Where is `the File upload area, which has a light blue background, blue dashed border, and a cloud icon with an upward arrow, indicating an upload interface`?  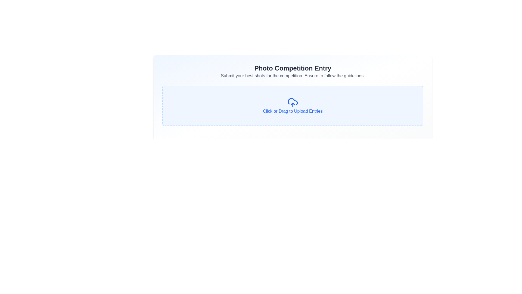
the File upload area, which has a light blue background, blue dashed border, and a cloud icon with an upward arrow, indicating an upload interface is located at coordinates (292, 106).